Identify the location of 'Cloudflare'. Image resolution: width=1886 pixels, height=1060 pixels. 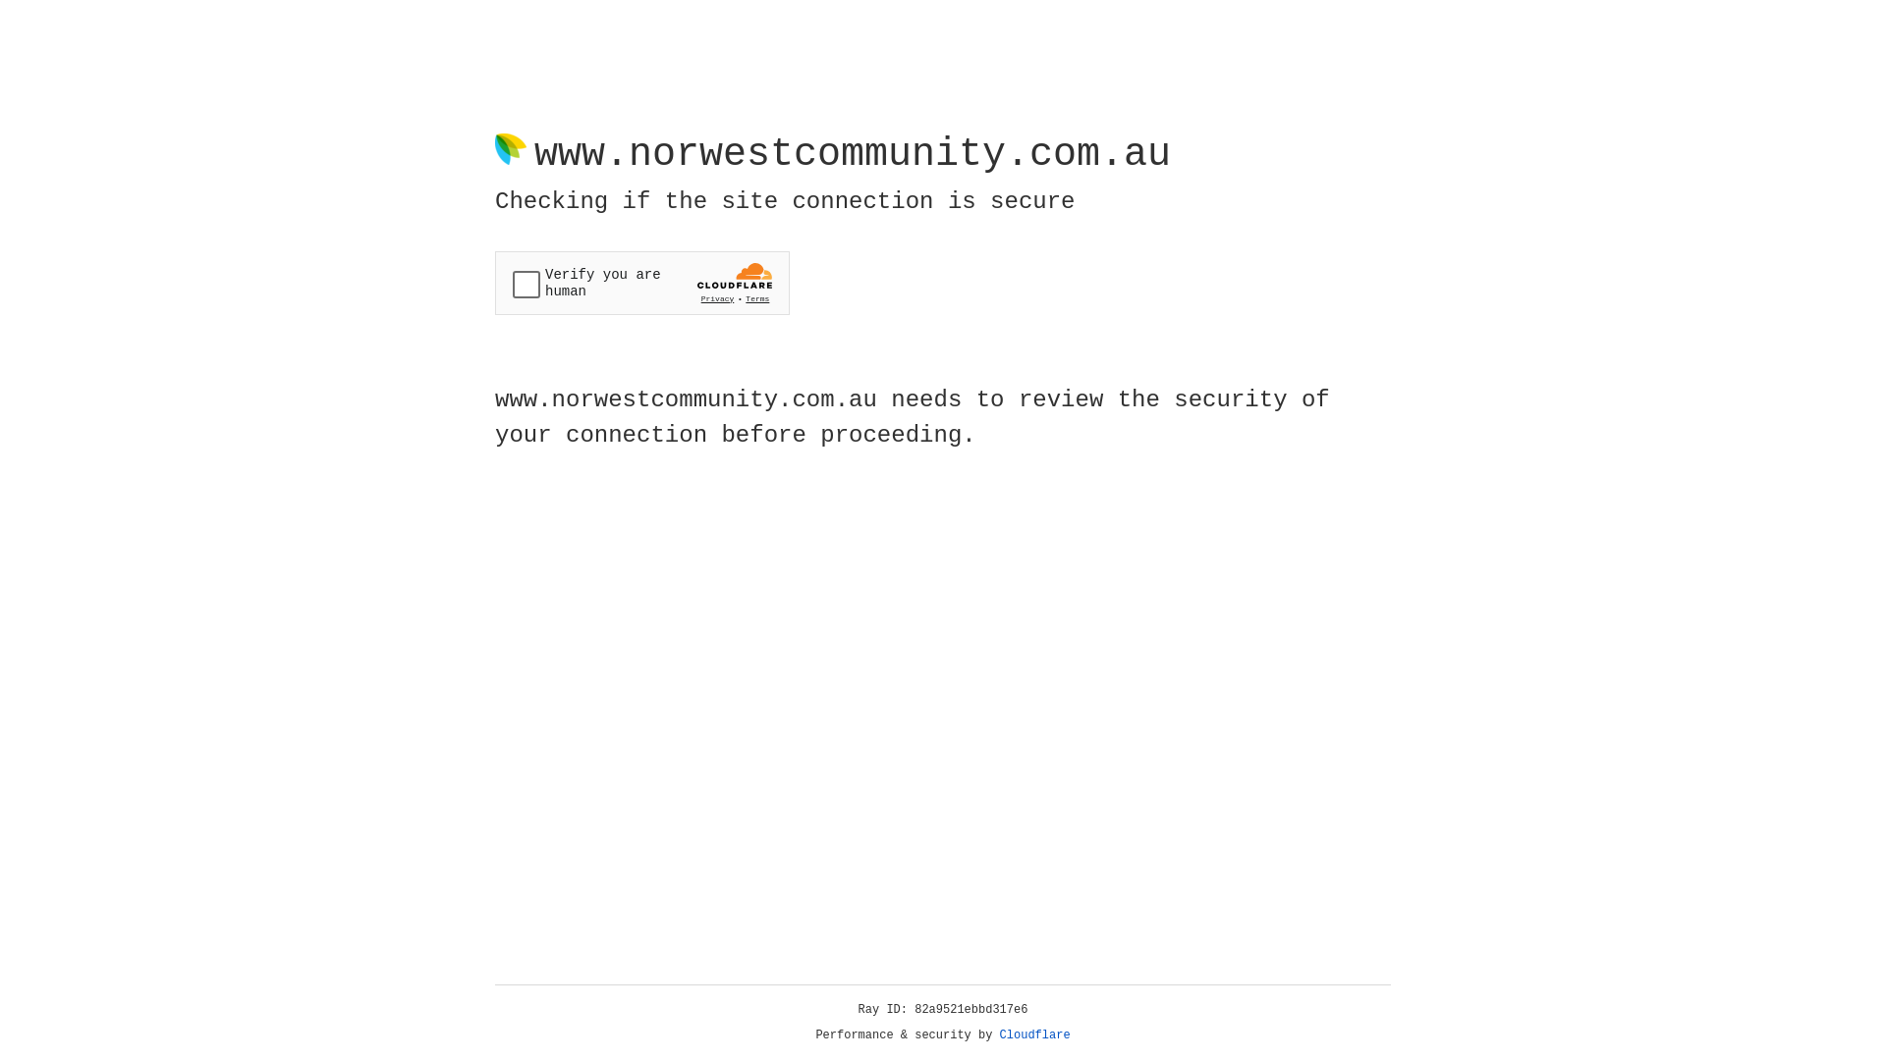
(1034, 1034).